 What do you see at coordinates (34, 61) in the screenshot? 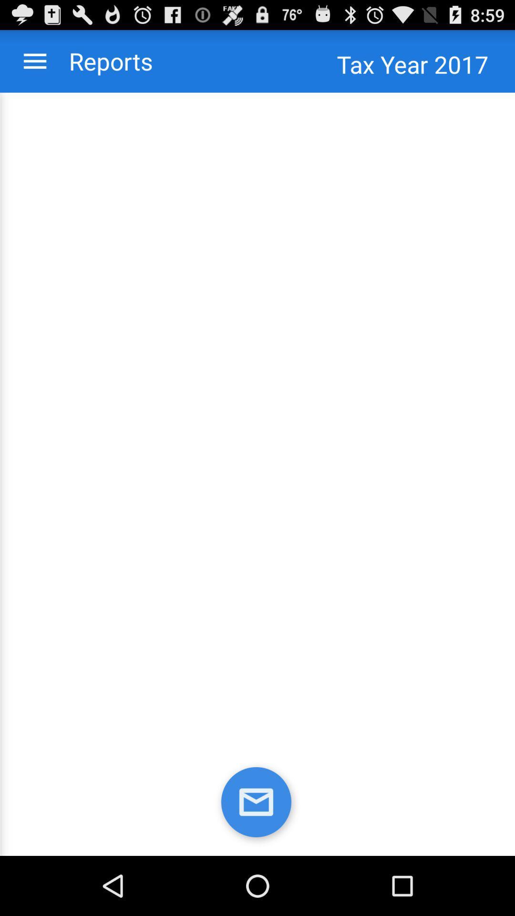
I see `the menu bar` at bounding box center [34, 61].